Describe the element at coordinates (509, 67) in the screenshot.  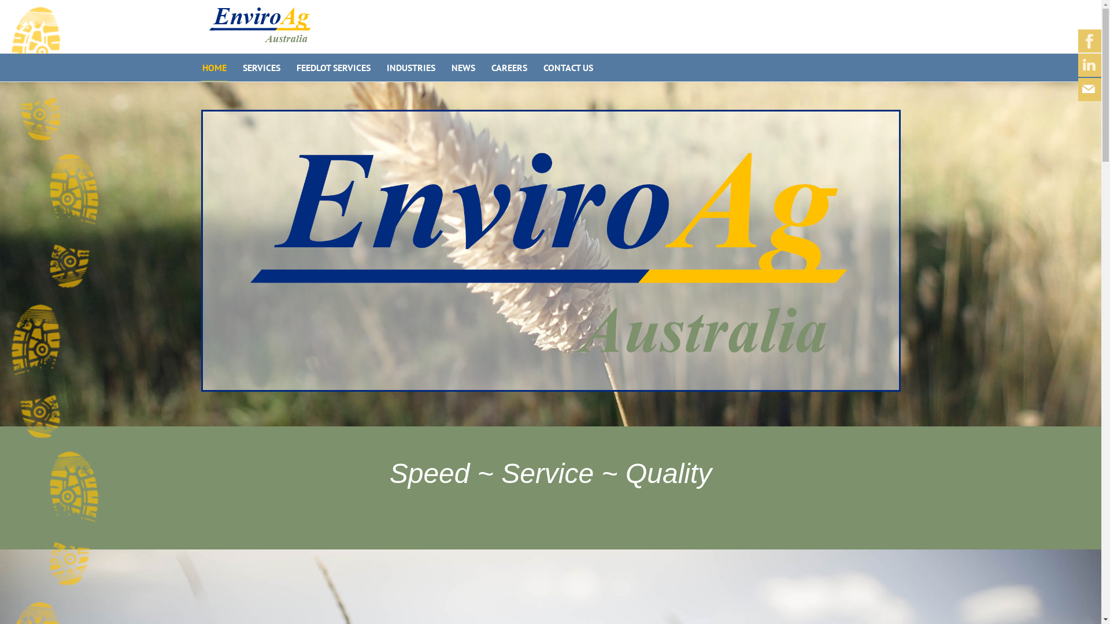
I see `'CAREERS'` at that location.